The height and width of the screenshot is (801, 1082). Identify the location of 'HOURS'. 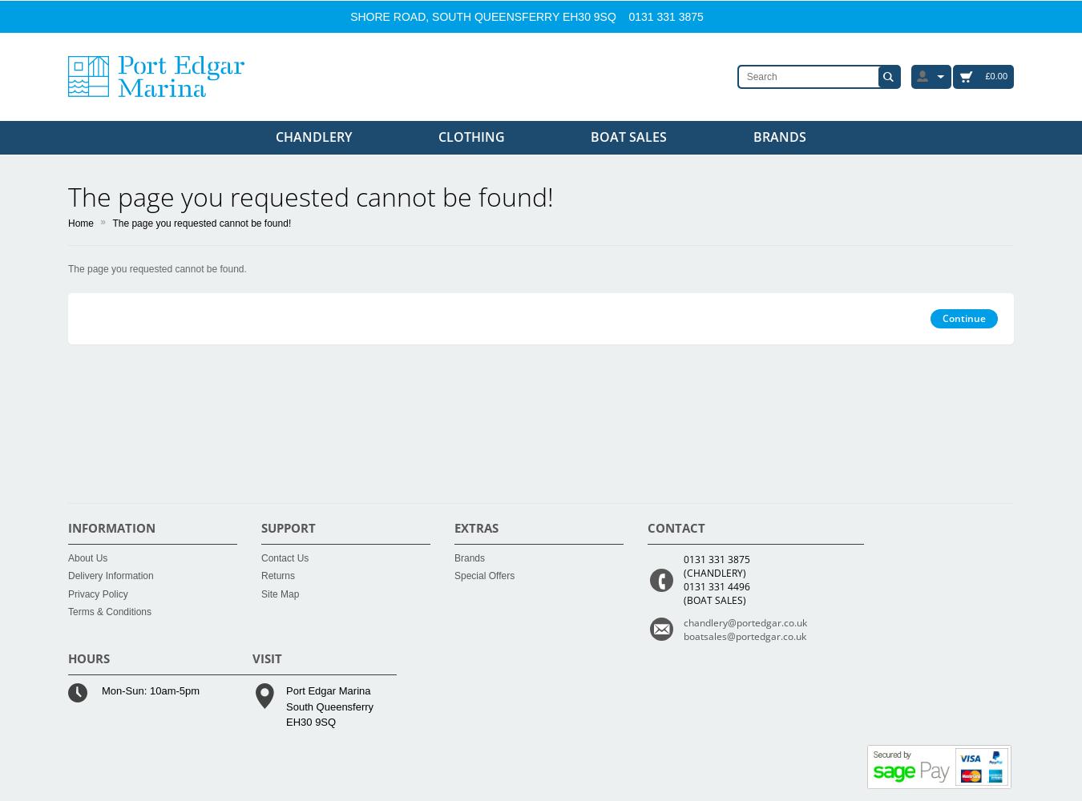
(67, 658).